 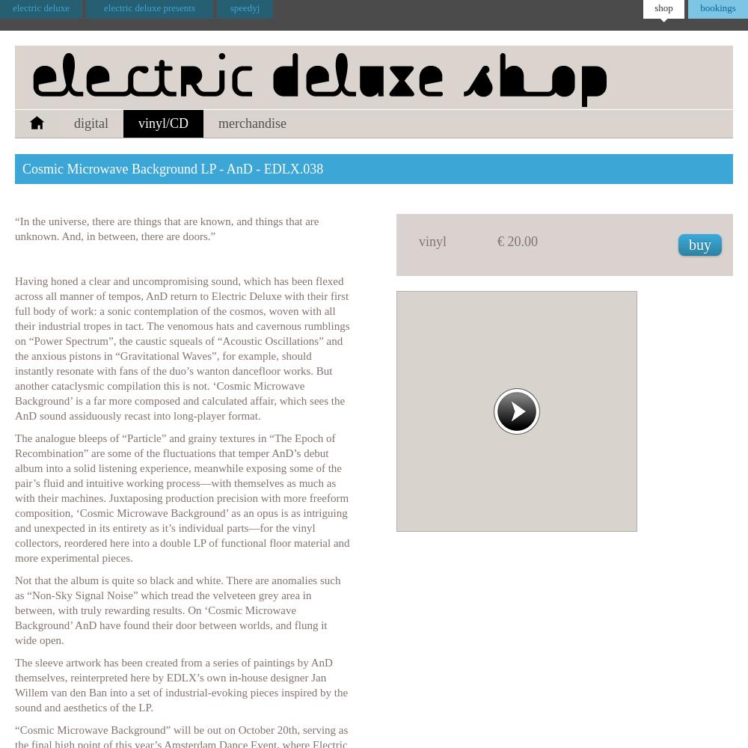 I want to click on '“In the universe, there are things that are known, and things that are unknown. And, in between, there are doors.”', so click(x=166, y=229).